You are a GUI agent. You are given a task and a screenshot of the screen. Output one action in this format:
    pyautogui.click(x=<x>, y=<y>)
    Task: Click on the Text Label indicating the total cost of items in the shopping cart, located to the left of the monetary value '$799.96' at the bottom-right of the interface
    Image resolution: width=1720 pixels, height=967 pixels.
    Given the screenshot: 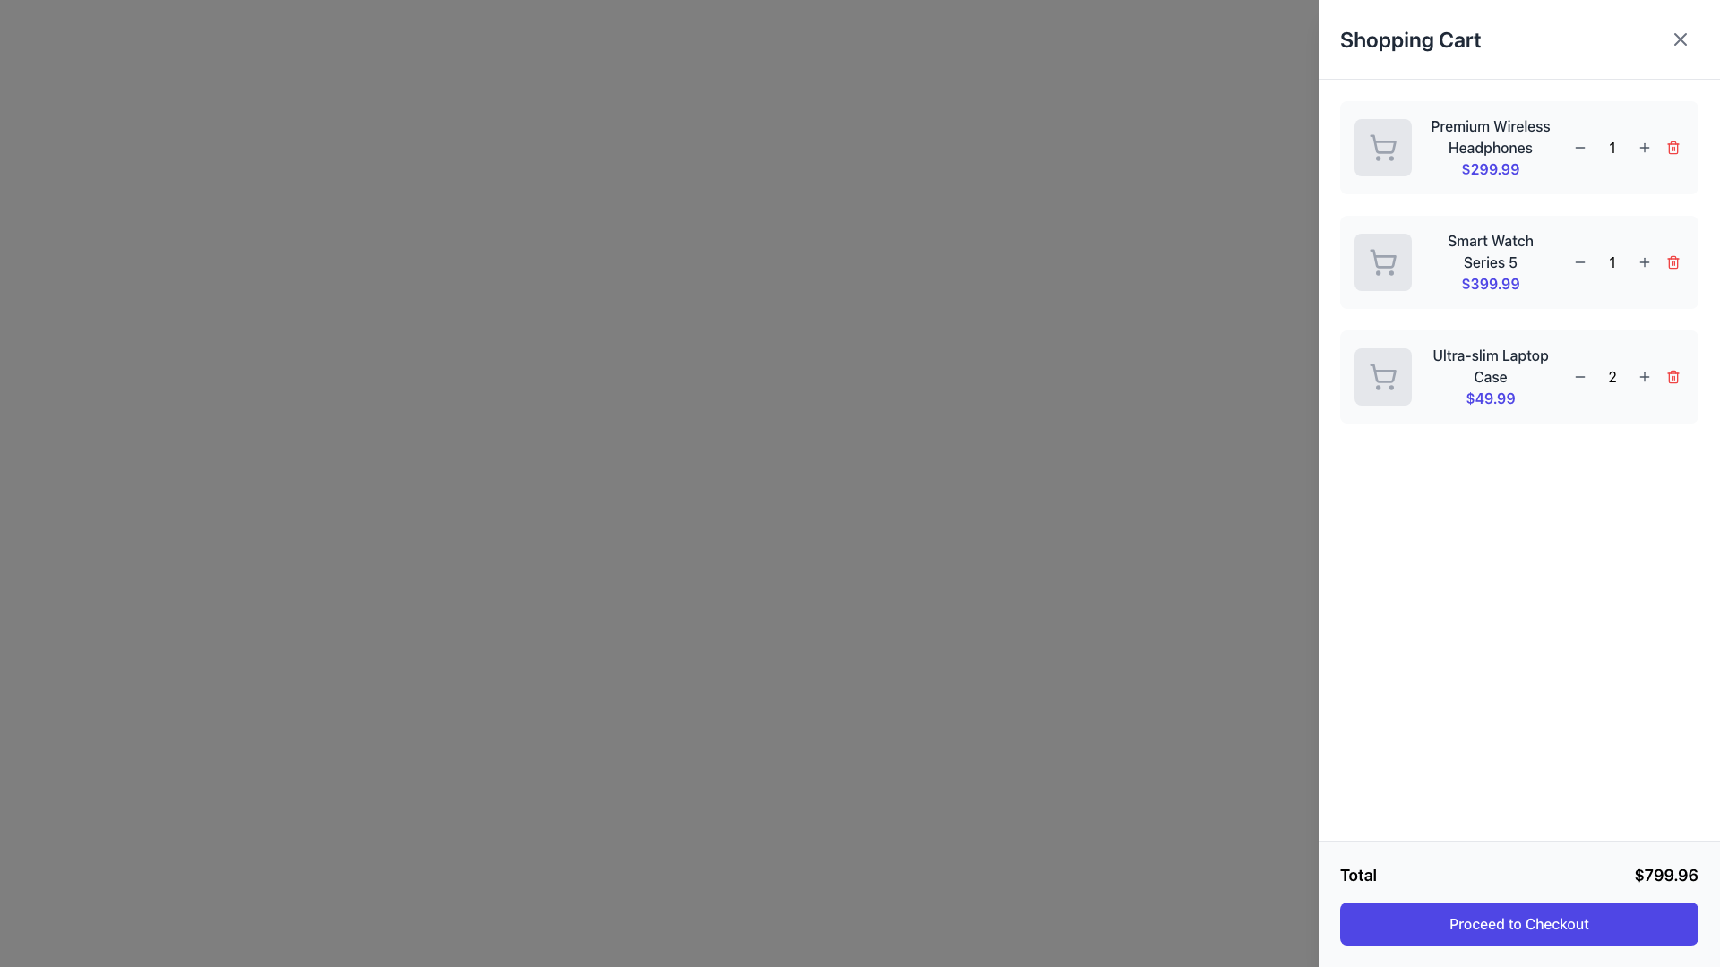 What is the action you would take?
    pyautogui.click(x=1358, y=875)
    